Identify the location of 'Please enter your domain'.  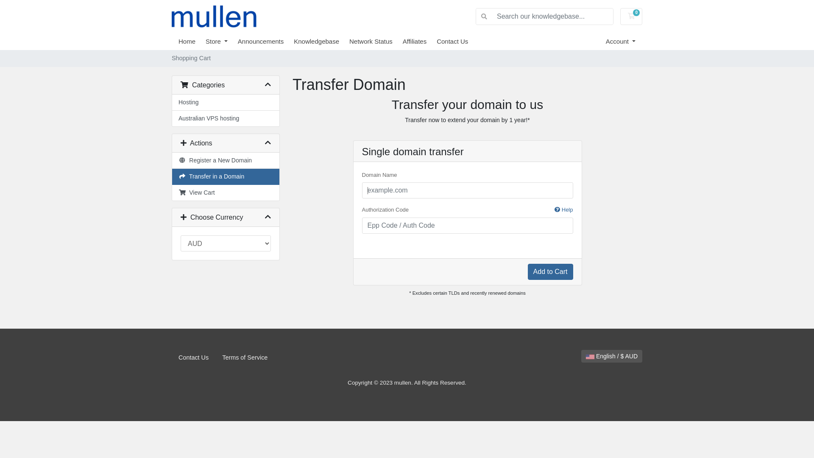
(467, 190).